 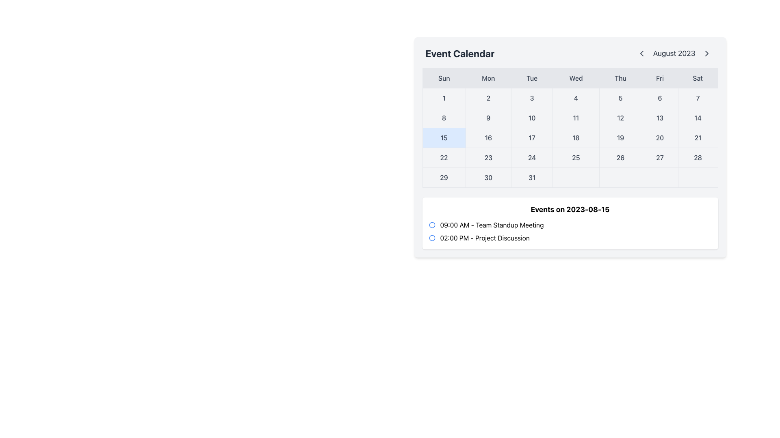 What do you see at coordinates (444, 98) in the screenshot?
I see `the Calendar Day Cell that displays the number '1' in the top-left corner of the calendar grid under the 'Sun' header` at bounding box center [444, 98].